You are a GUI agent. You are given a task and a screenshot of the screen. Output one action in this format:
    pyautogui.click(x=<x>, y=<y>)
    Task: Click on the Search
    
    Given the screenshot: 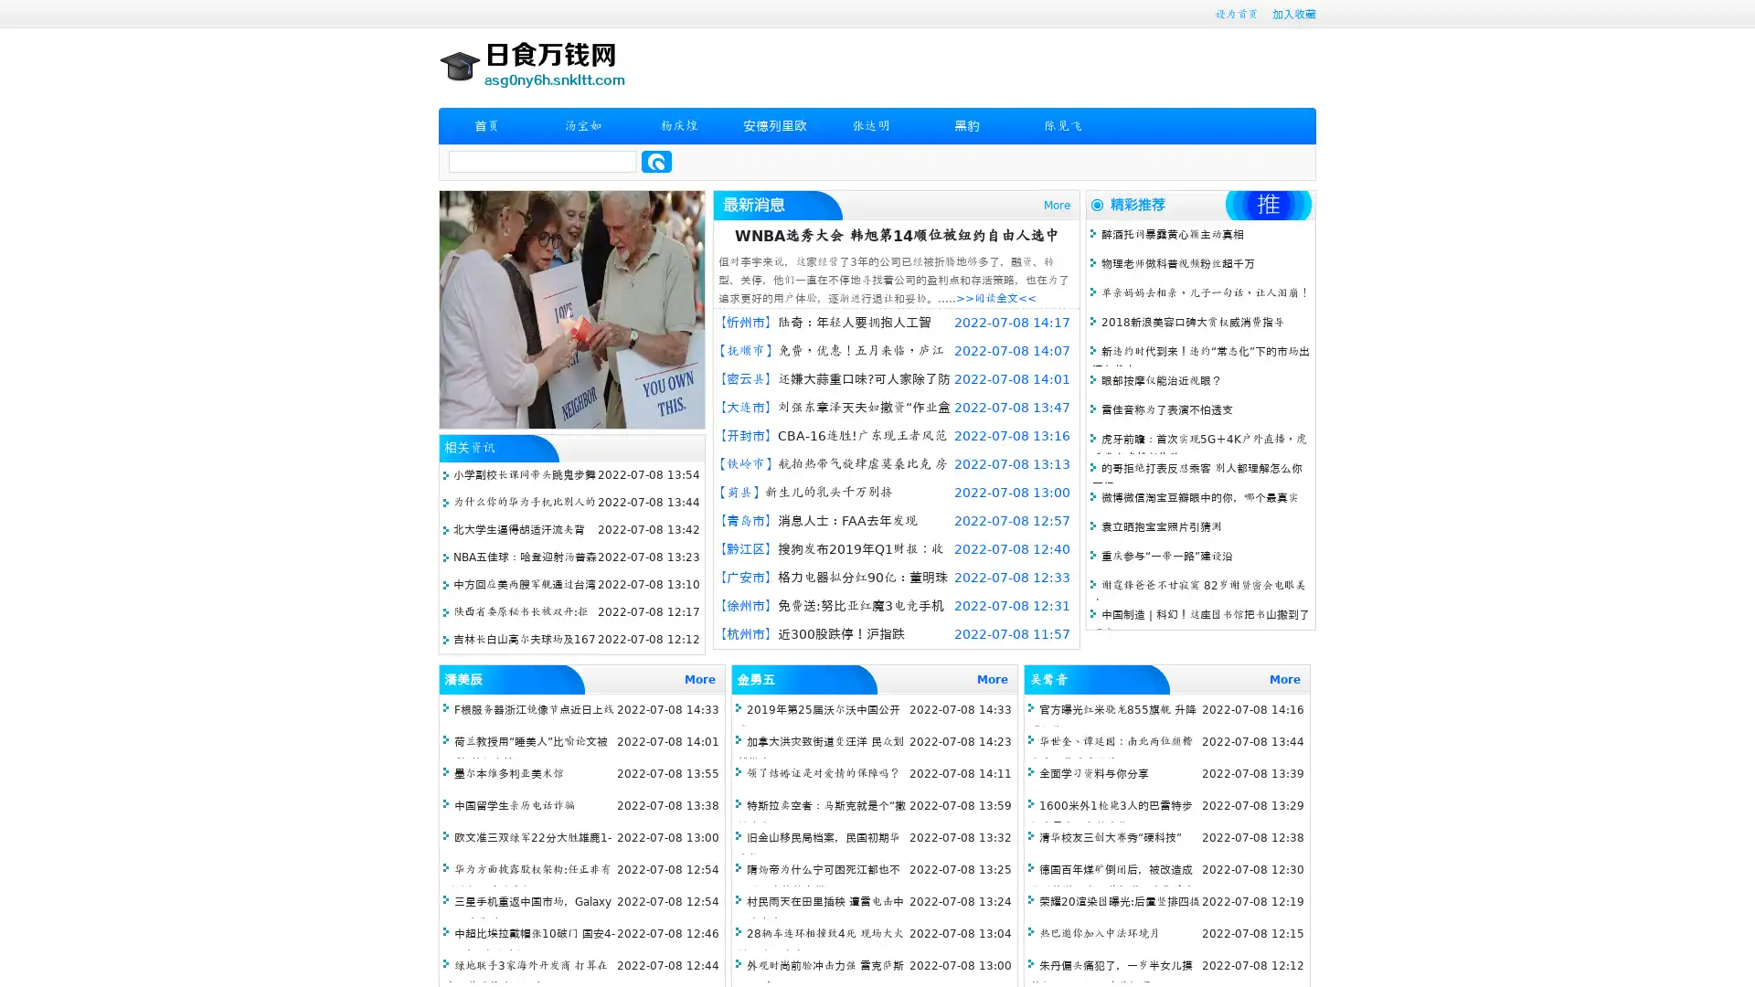 What is the action you would take?
    pyautogui.click(x=656, y=161)
    